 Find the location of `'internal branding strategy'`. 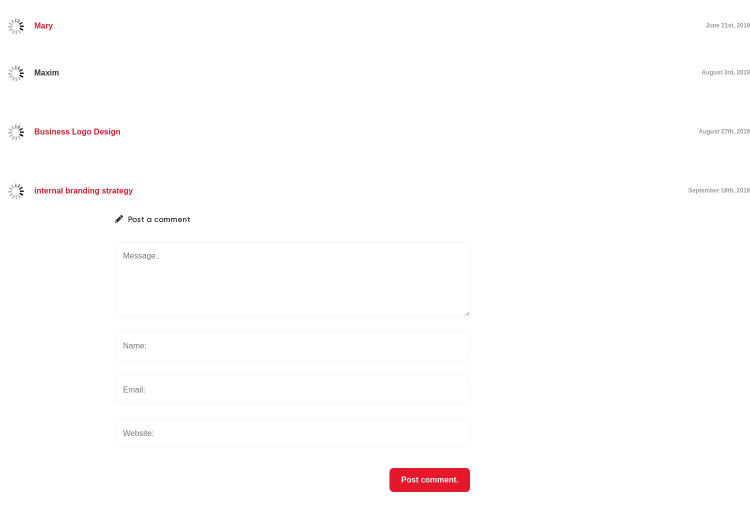

'internal branding strategy' is located at coordinates (83, 190).